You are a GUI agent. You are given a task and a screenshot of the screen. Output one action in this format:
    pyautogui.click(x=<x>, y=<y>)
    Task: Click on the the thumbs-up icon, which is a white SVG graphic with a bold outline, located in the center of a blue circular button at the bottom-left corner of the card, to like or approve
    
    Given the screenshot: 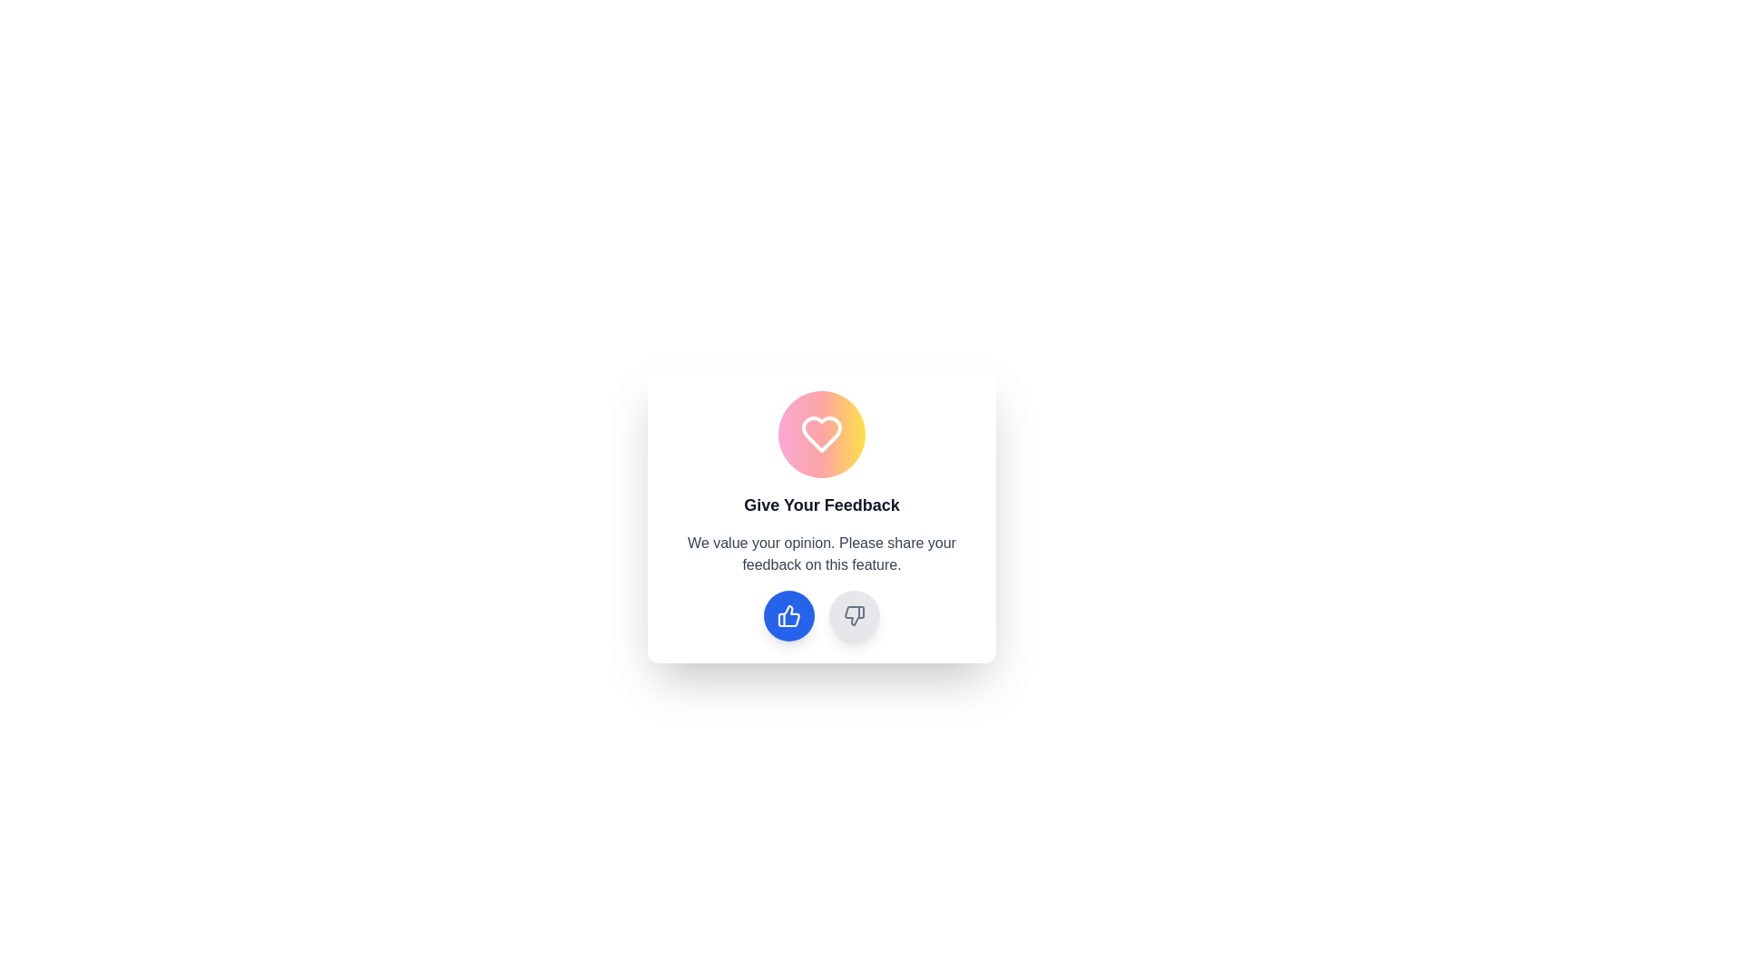 What is the action you would take?
    pyautogui.click(x=788, y=614)
    